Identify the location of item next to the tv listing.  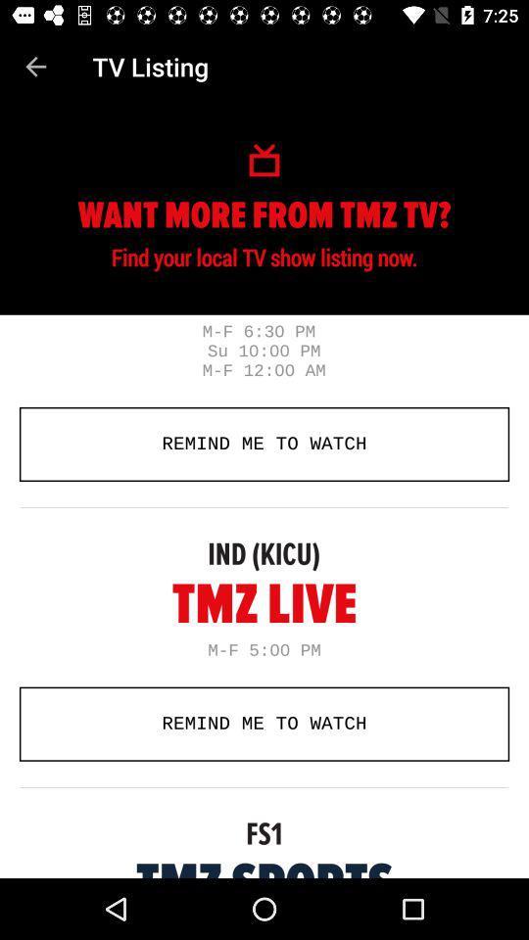
(35, 67).